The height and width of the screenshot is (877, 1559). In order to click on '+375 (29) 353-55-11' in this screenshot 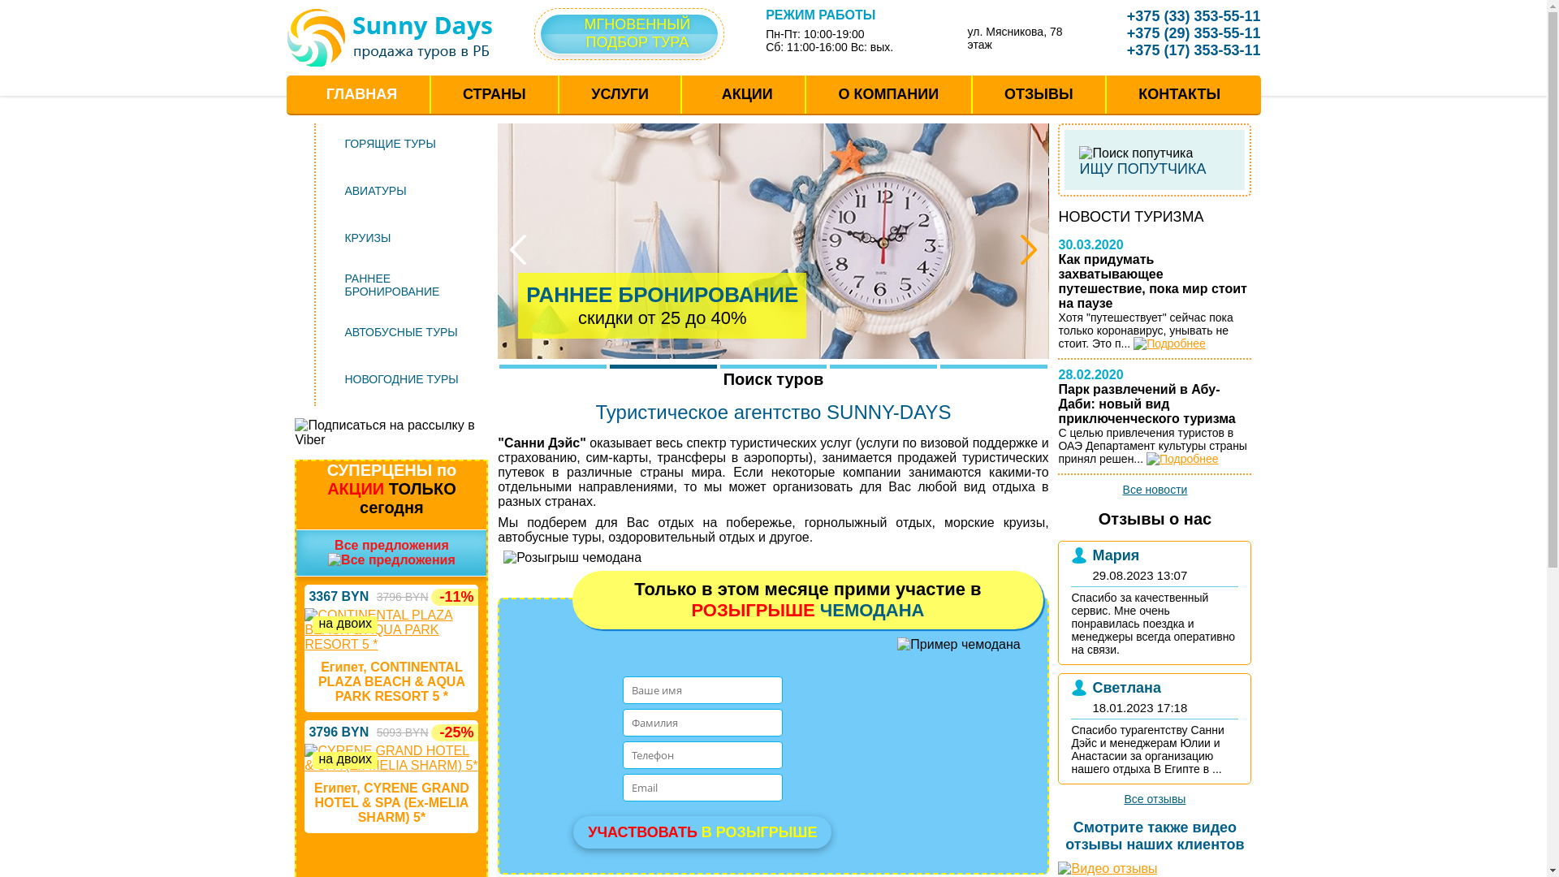, I will do `click(1182, 33)`.